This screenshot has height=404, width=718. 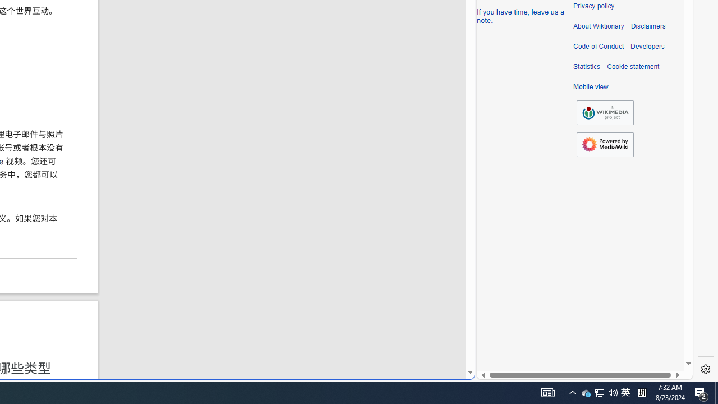 What do you see at coordinates (598, 46) in the screenshot?
I see `'Code of Conduct'` at bounding box center [598, 46].